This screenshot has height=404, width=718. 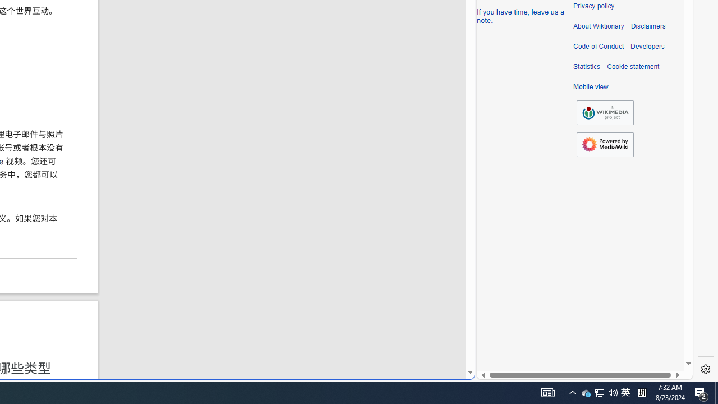 What do you see at coordinates (598, 46) in the screenshot?
I see `'Code of Conduct'` at bounding box center [598, 46].